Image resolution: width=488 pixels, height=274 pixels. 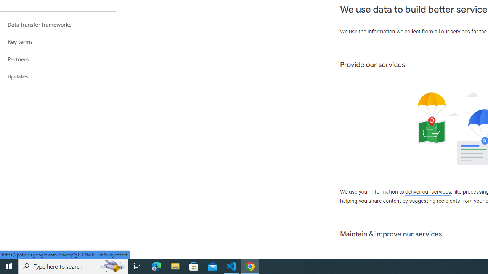 What do you see at coordinates (428, 192) in the screenshot?
I see `'deliver our services'` at bounding box center [428, 192].